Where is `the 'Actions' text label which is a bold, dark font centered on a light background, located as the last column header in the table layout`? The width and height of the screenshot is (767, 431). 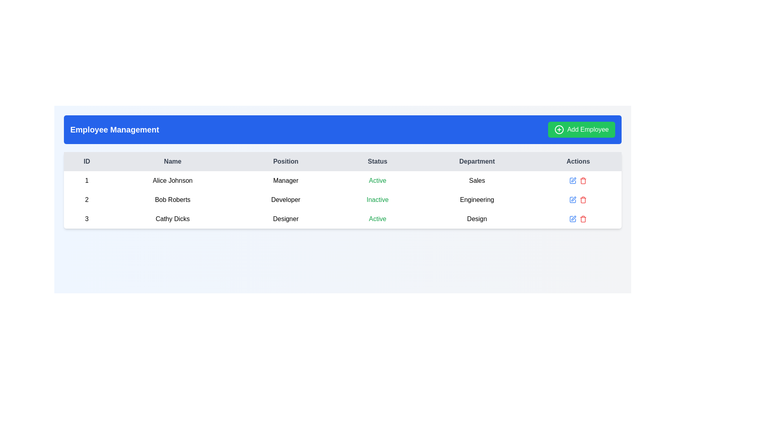
the 'Actions' text label which is a bold, dark font centered on a light background, located as the last column header in the table layout is located at coordinates (578, 162).